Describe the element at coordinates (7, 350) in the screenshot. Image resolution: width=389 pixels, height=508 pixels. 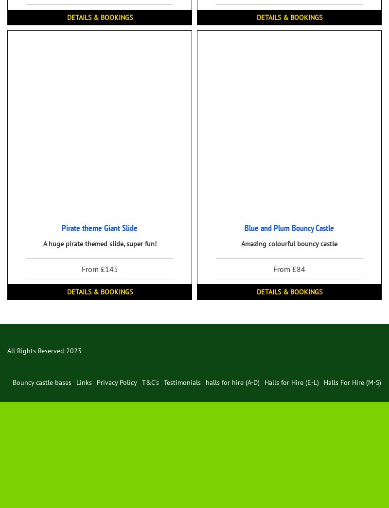
I see `'All Rights Reserved 2023'` at that location.